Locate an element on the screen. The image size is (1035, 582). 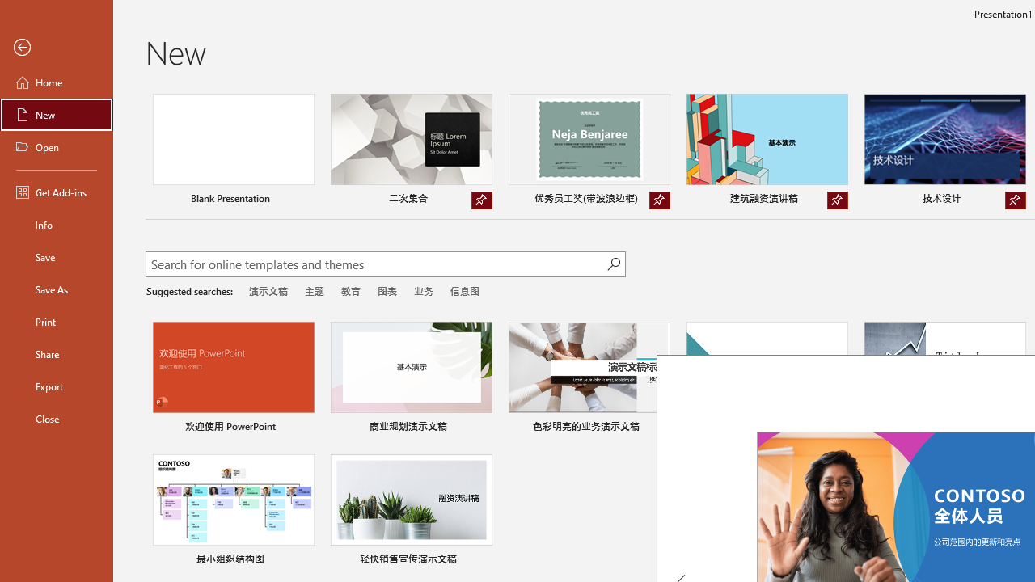
'Start searching' is located at coordinates (613, 263).